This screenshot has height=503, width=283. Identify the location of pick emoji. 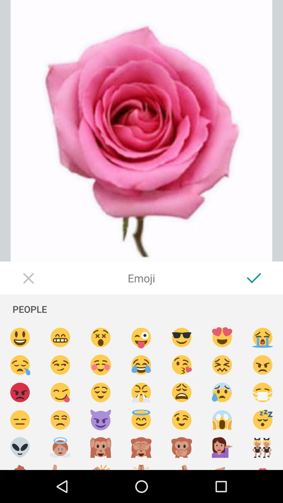
(263, 447).